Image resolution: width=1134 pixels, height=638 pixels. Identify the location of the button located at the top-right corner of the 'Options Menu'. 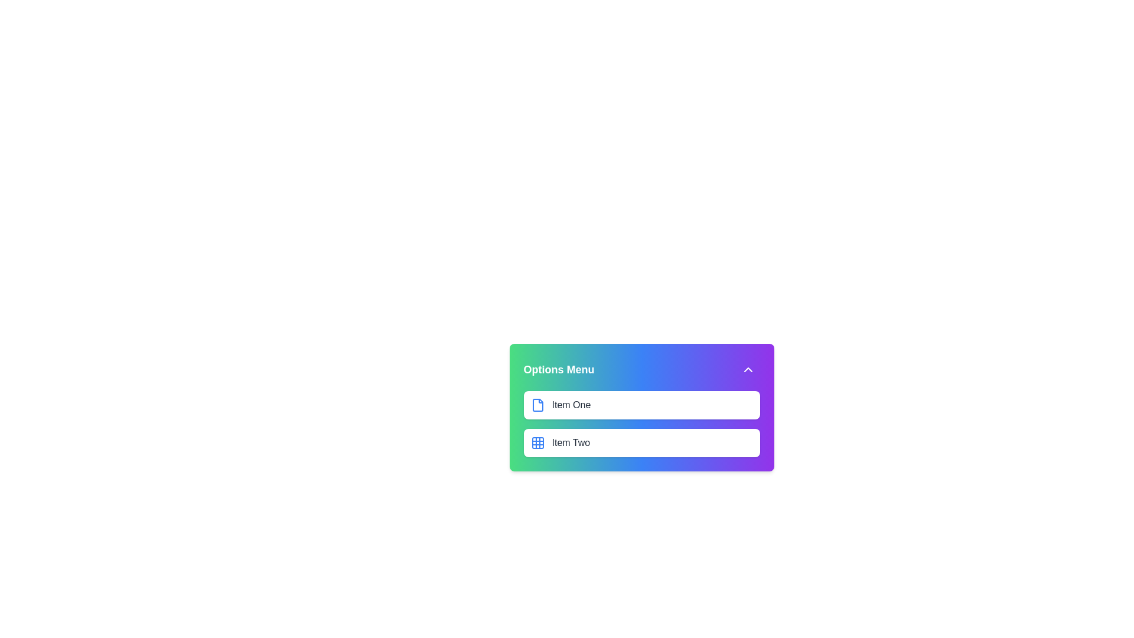
(747, 369).